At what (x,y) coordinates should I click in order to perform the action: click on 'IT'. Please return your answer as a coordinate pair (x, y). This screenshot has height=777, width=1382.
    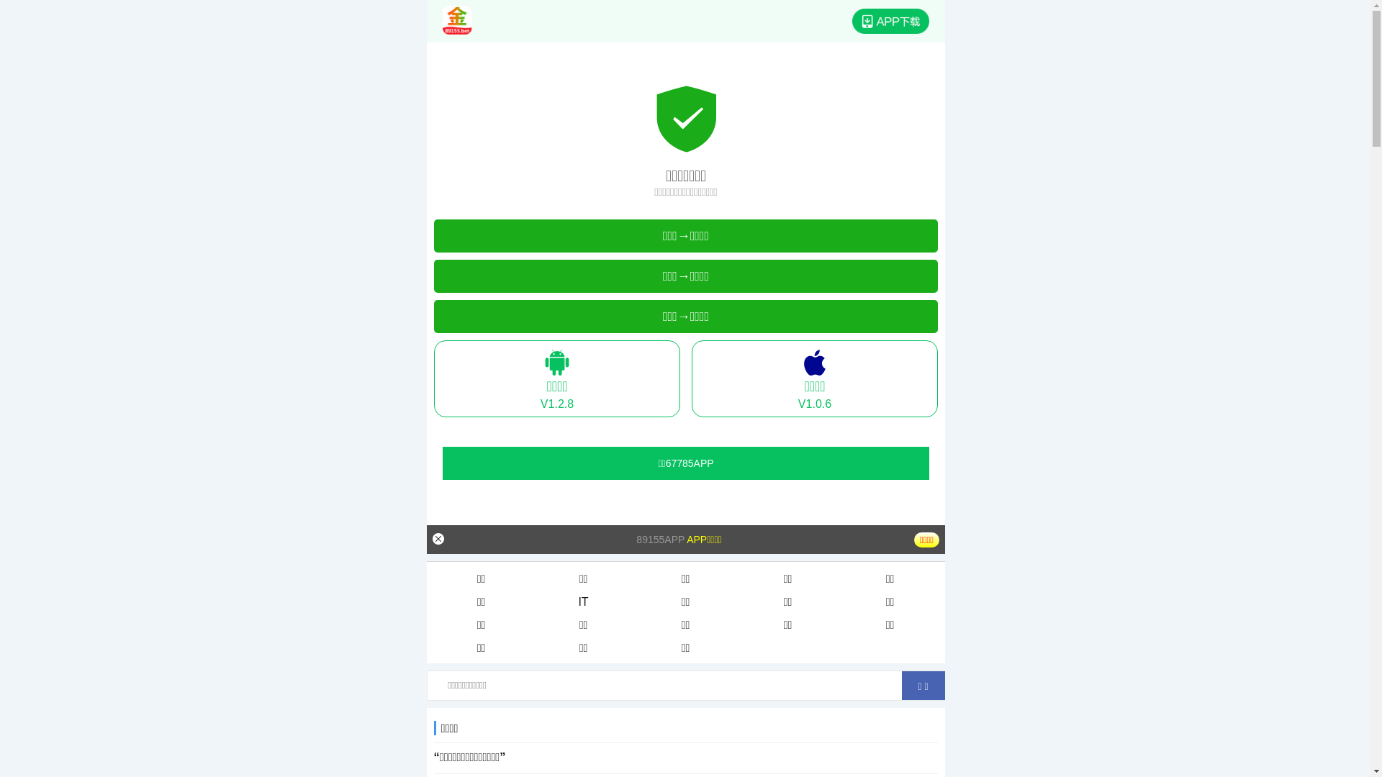
    Looking at the image, I should click on (584, 602).